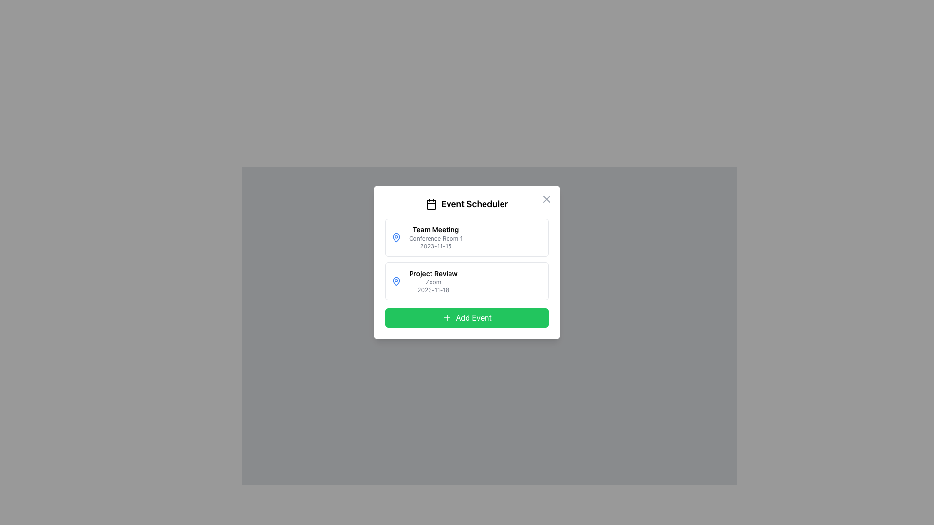 The image size is (934, 525). Describe the element at coordinates (467, 238) in the screenshot. I see `the first Event item card in the 'Event Scheduler' interface, which displays details such as the title, location, and date` at that location.